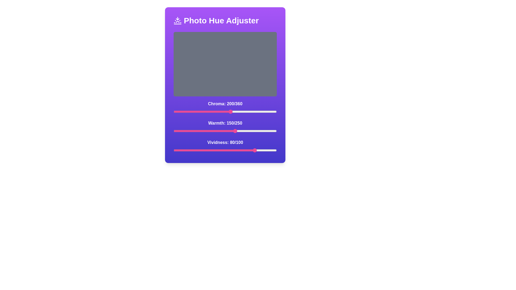  What do you see at coordinates (204, 131) in the screenshot?
I see `the warmth slider to 75 value` at bounding box center [204, 131].